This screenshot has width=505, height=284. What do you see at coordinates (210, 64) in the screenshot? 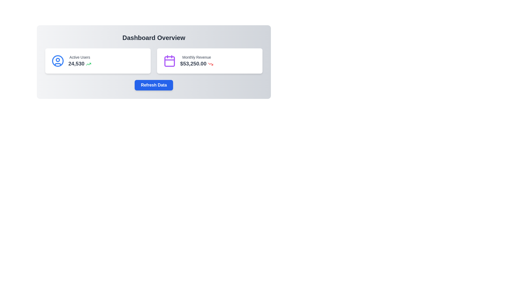
I see `the downward trending red arrow SVG icon located in the top-right corner of the 'Monthly Revenue' section on the dashboard, indicating a decrease or reduction` at bounding box center [210, 64].